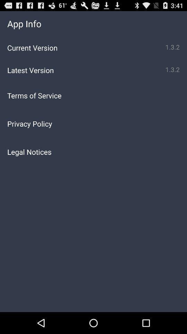 This screenshot has height=334, width=187. What do you see at coordinates (93, 95) in the screenshot?
I see `the icon above the privacy policy app` at bounding box center [93, 95].